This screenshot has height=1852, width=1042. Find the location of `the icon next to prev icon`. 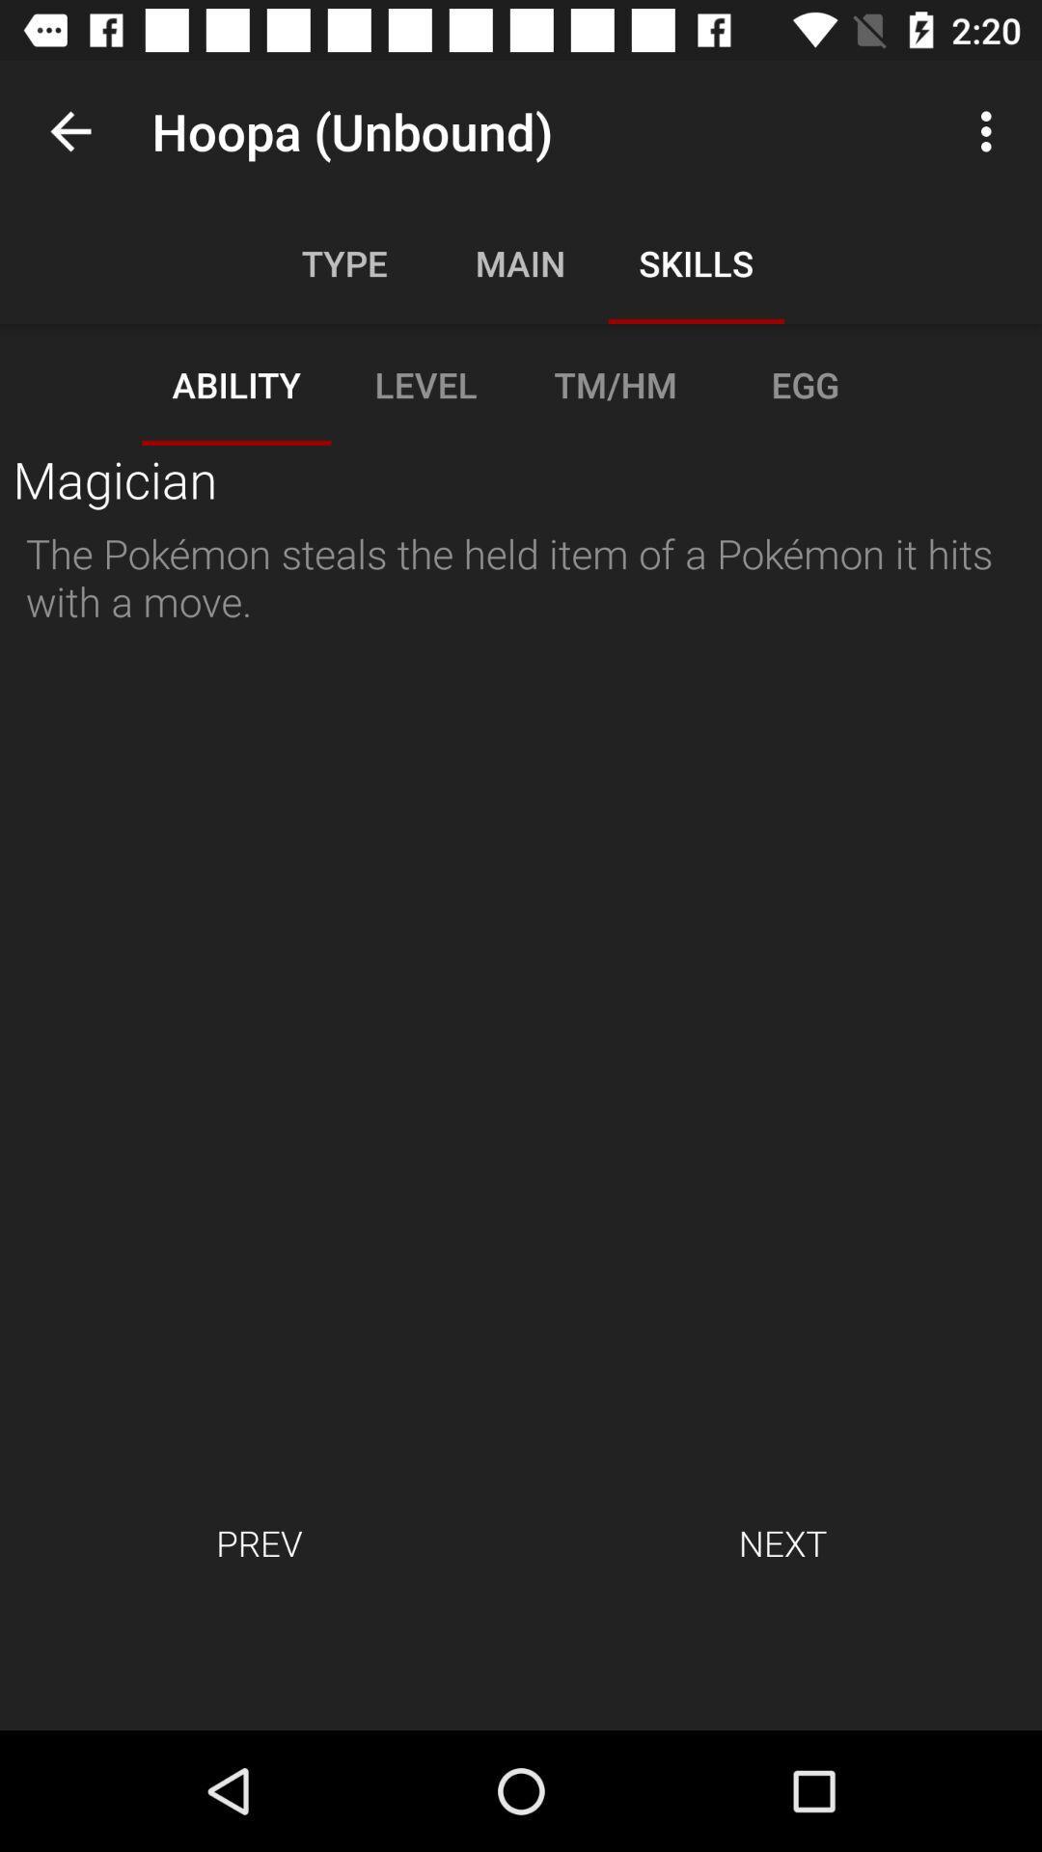

the icon next to prev icon is located at coordinates (782, 1541).